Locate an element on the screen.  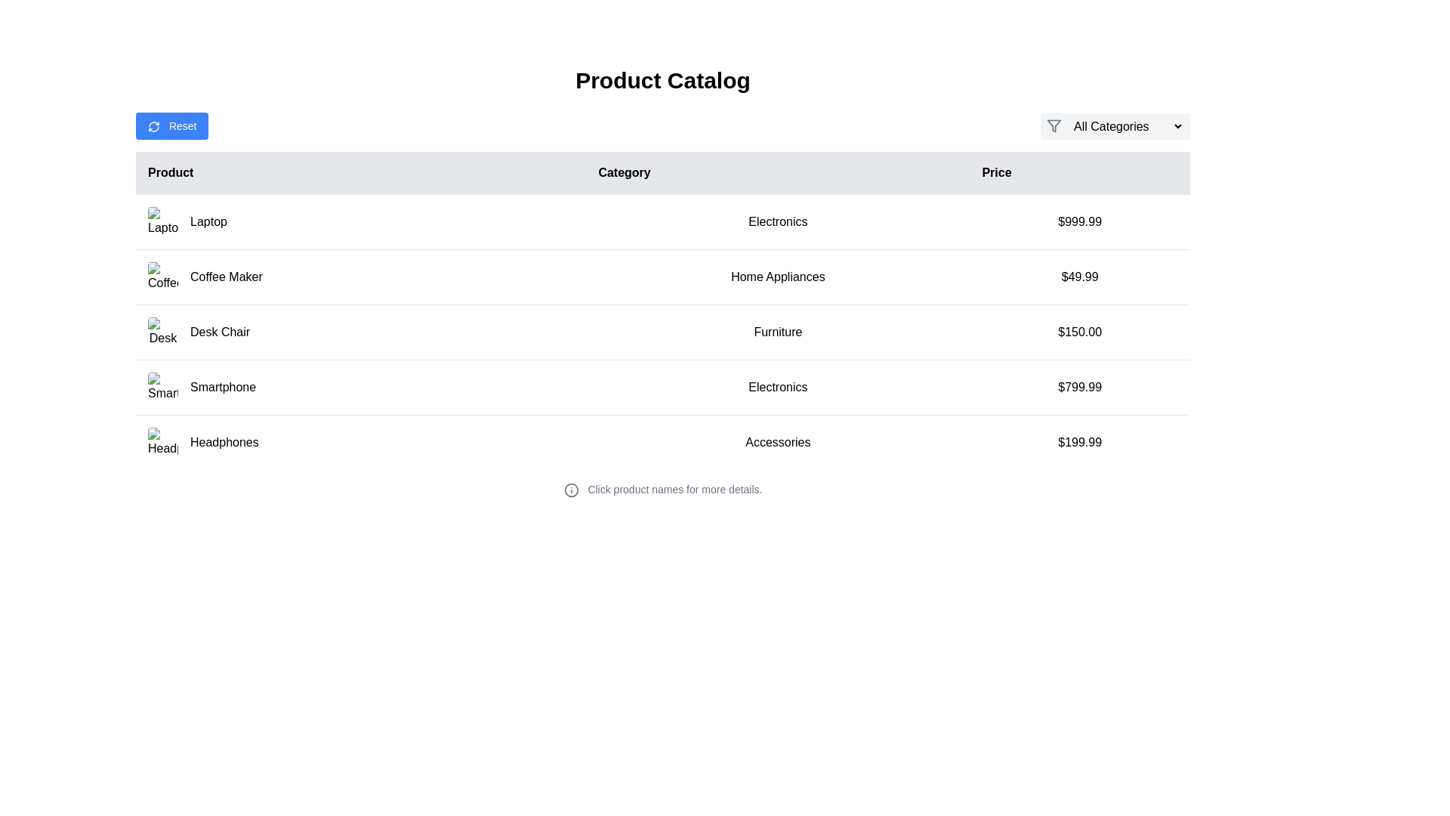
the 'Smartphone' category label located in the third column of the tabular interface, positioned between the 'Product' and 'Price' columns is located at coordinates (778, 387).